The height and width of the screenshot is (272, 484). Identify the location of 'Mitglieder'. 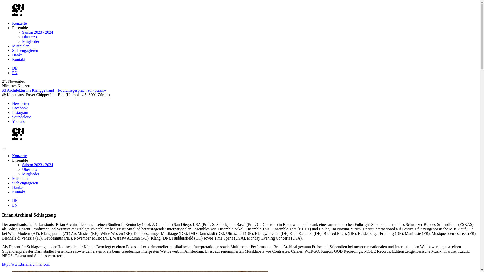
(30, 41).